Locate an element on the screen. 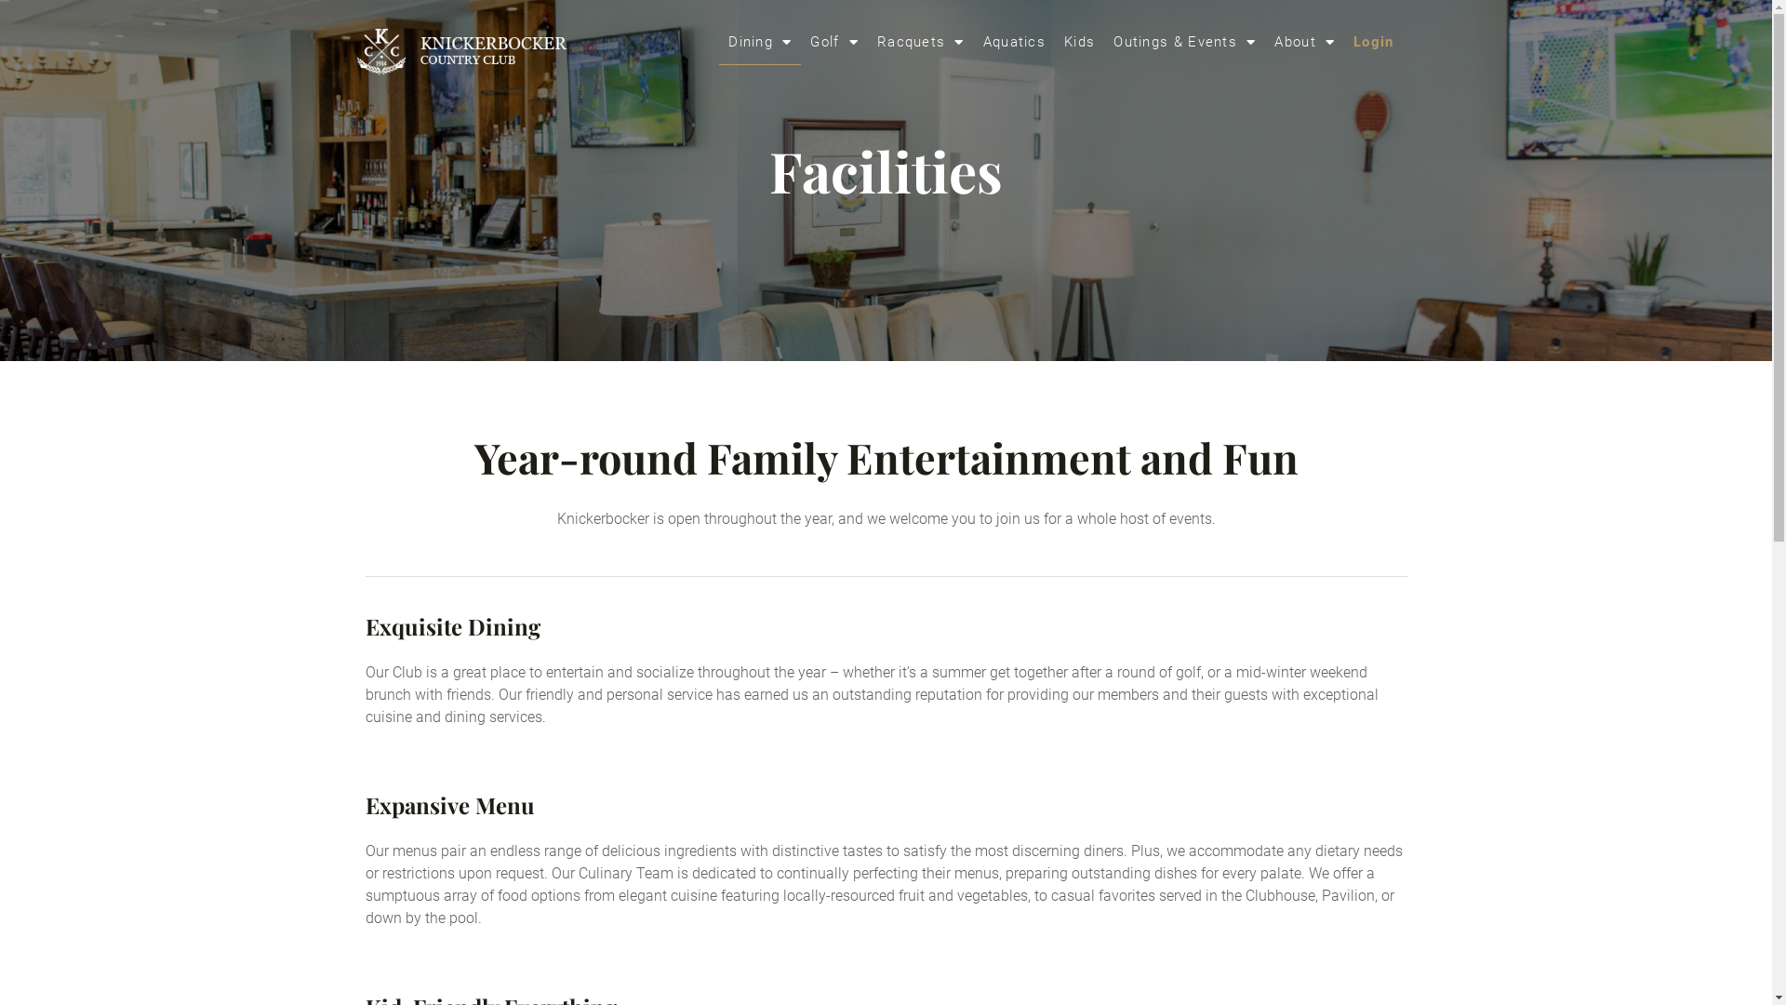 The height and width of the screenshot is (1005, 1786). 'Racquets' is located at coordinates (920, 42).